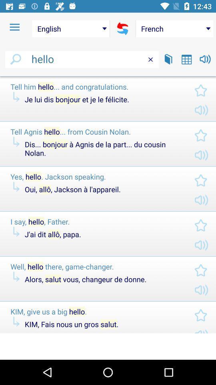 This screenshot has width=216, height=385. Describe the element at coordinates (150, 59) in the screenshot. I see `the close icon` at that location.